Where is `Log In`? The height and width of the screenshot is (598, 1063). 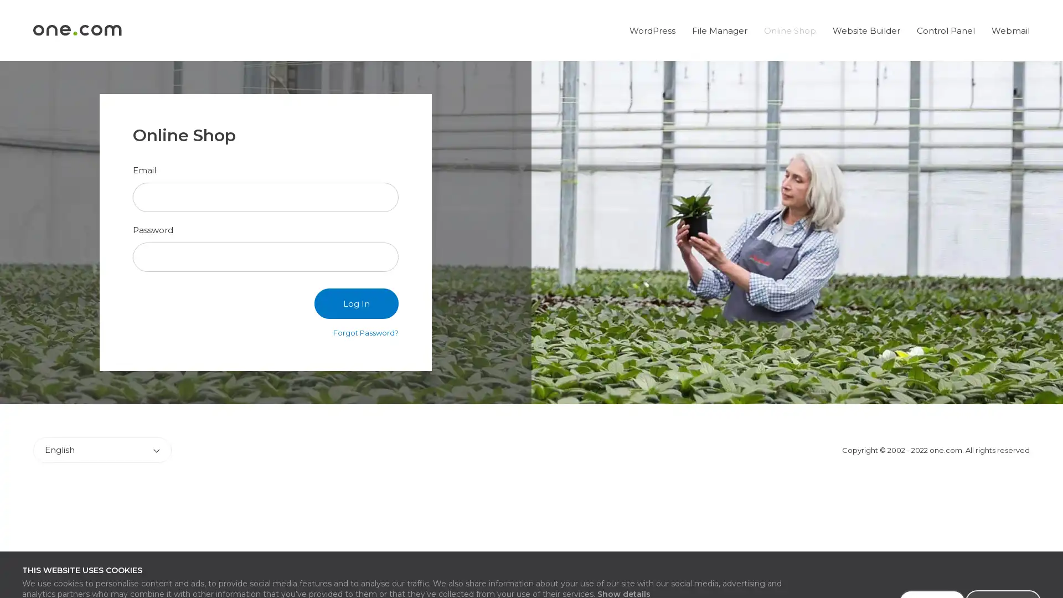 Log In is located at coordinates (356, 303).